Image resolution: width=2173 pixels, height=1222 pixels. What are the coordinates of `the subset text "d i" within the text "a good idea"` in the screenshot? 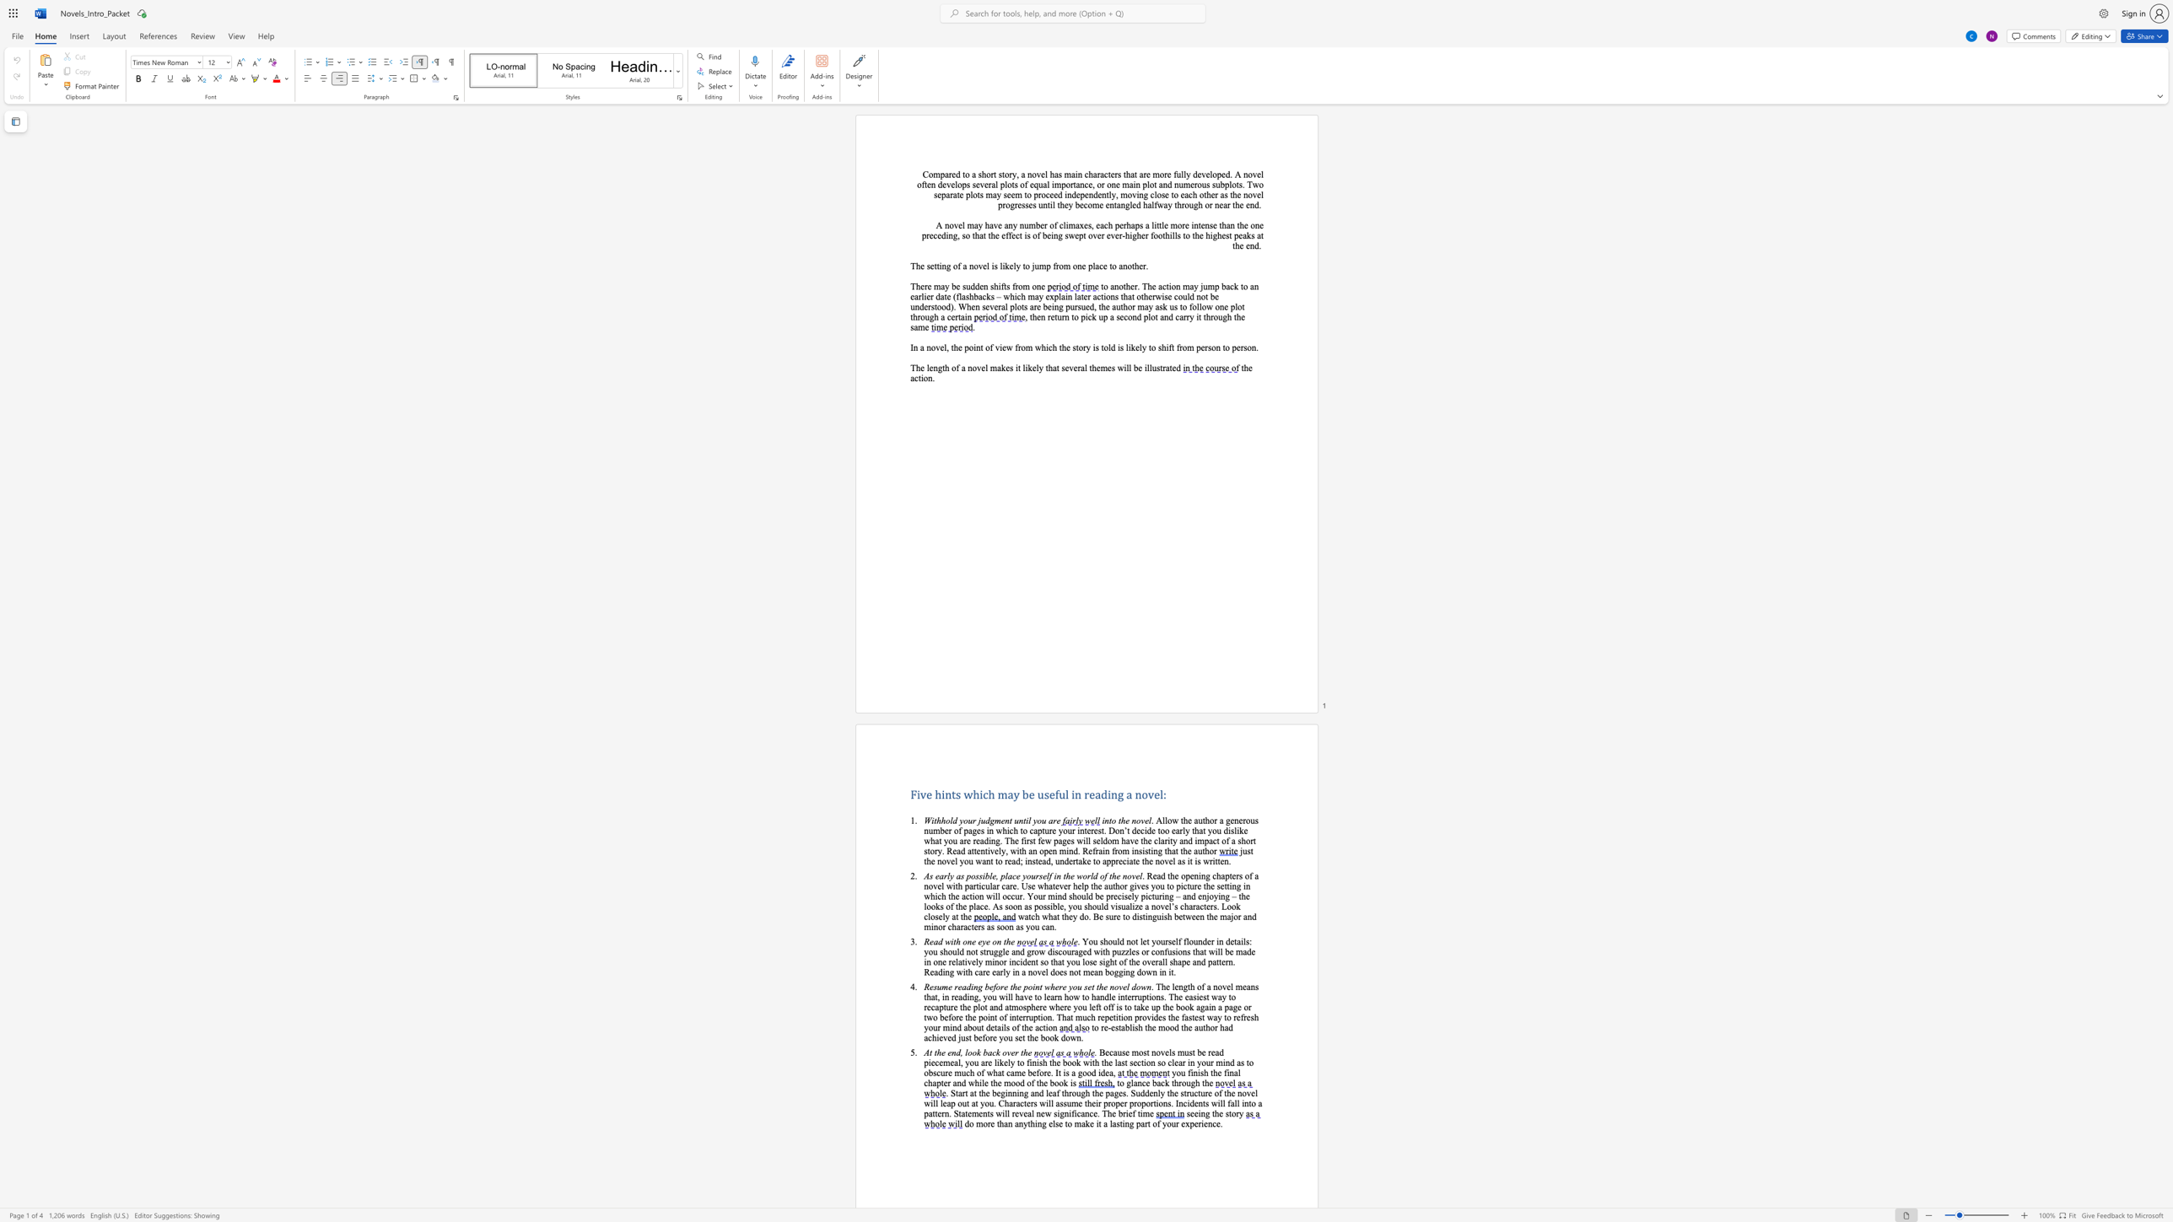 It's located at (1091, 1072).